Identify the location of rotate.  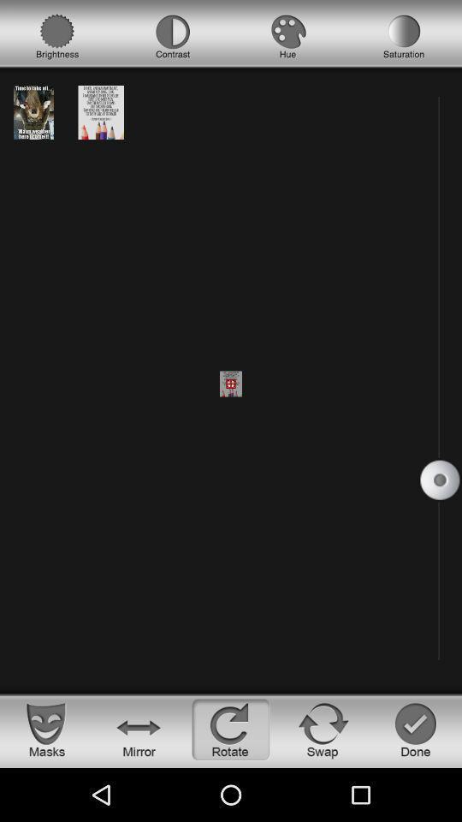
(231, 729).